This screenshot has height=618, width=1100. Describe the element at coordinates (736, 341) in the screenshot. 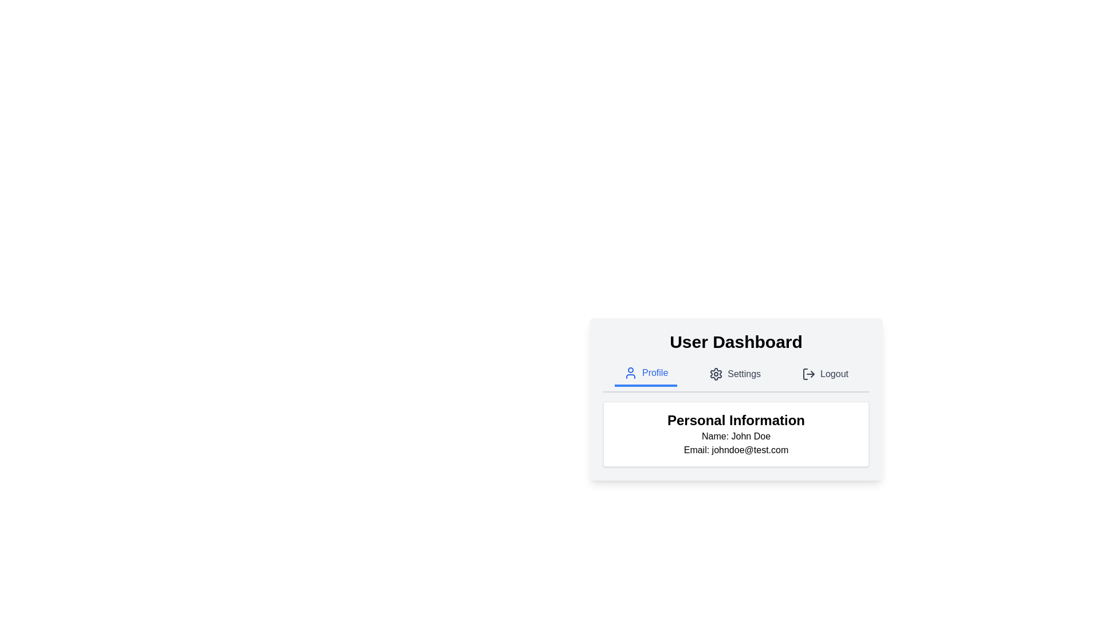

I see `header text indicating the 'User Dashboard' which is located at the top of the card-like structure containing navigation options` at that location.